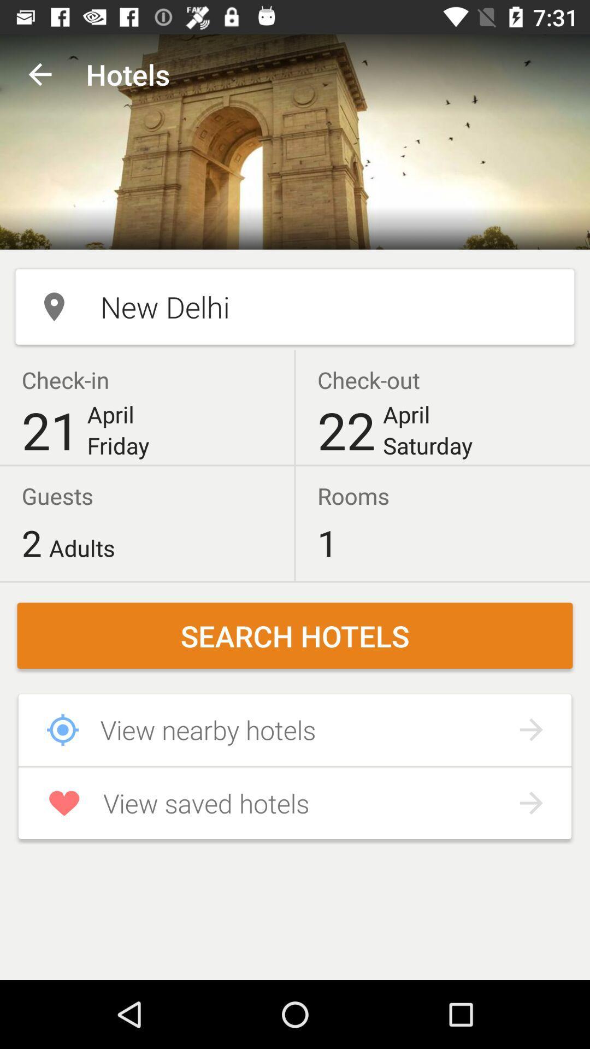 The image size is (590, 1049). What do you see at coordinates (530, 729) in the screenshot?
I see `forward arrow icon right to view nearby hotels` at bounding box center [530, 729].